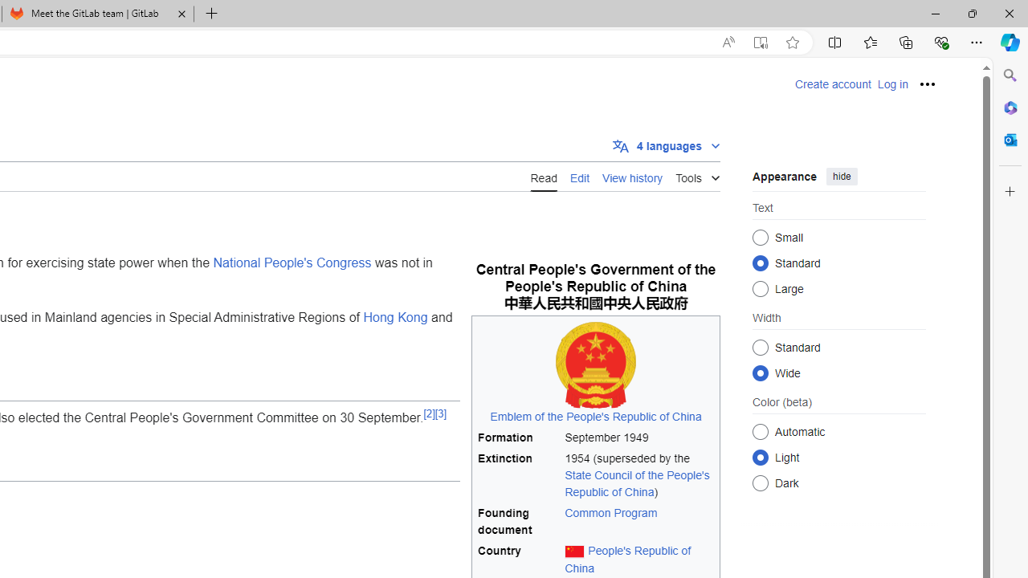  What do you see at coordinates (631, 176) in the screenshot?
I see `'View history'` at bounding box center [631, 176].